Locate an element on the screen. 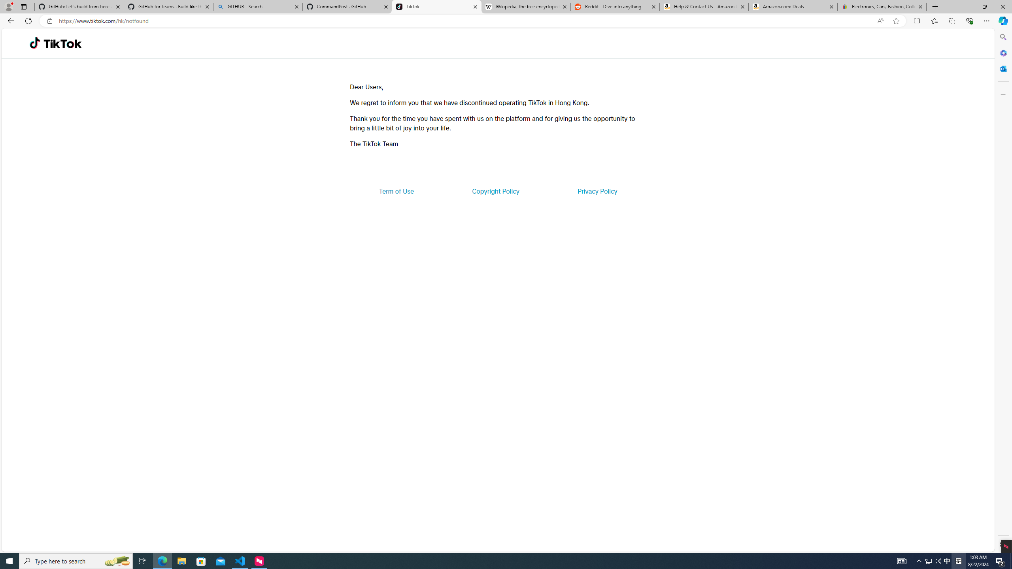  'Reddit - Dive into anything' is located at coordinates (615, 6).